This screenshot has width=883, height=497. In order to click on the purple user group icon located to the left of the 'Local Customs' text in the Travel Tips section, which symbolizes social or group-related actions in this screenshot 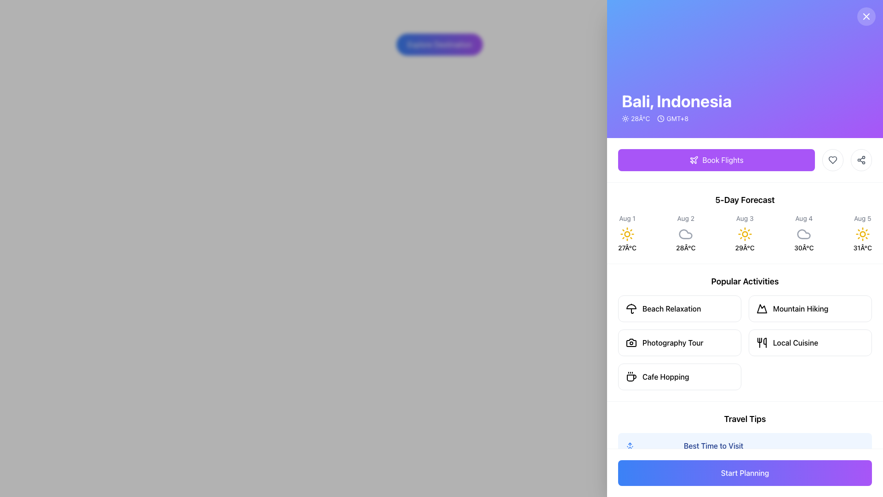, I will do `click(629, 489)`.